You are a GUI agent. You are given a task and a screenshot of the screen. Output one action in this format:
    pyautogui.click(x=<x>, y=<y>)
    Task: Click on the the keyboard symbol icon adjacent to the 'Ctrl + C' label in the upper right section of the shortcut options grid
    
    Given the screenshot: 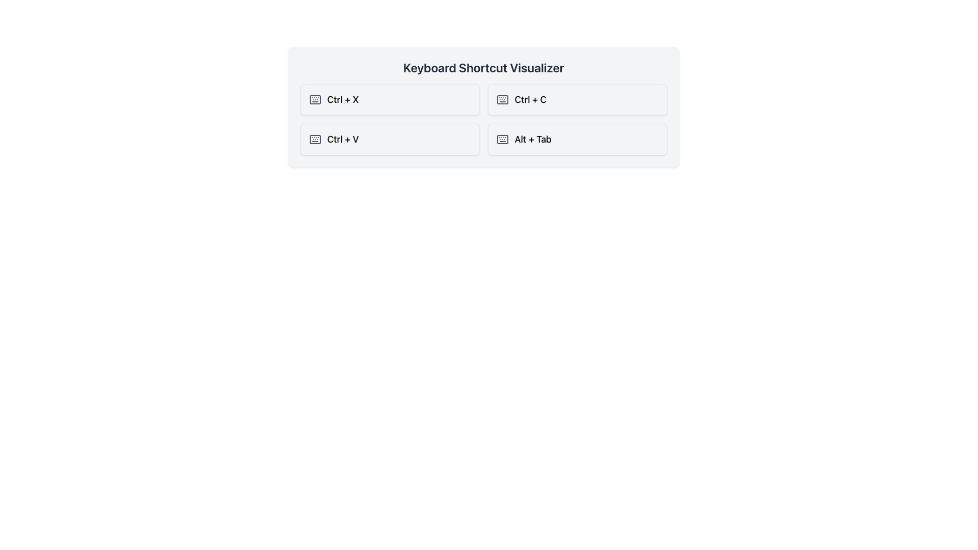 What is the action you would take?
    pyautogui.click(x=502, y=100)
    